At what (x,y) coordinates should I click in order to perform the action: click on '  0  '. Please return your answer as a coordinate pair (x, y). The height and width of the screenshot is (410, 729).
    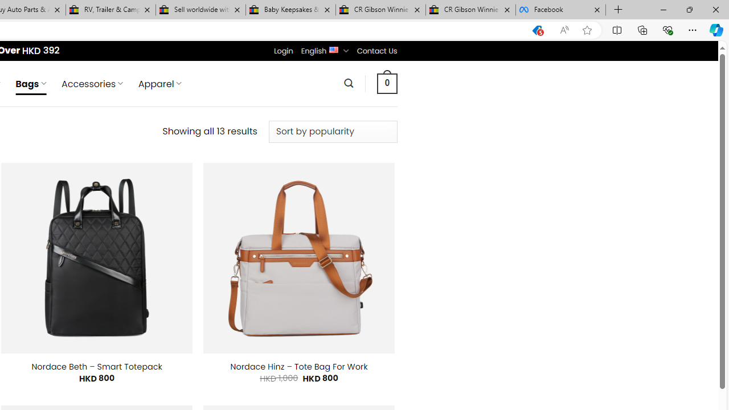
    Looking at the image, I should click on (387, 83).